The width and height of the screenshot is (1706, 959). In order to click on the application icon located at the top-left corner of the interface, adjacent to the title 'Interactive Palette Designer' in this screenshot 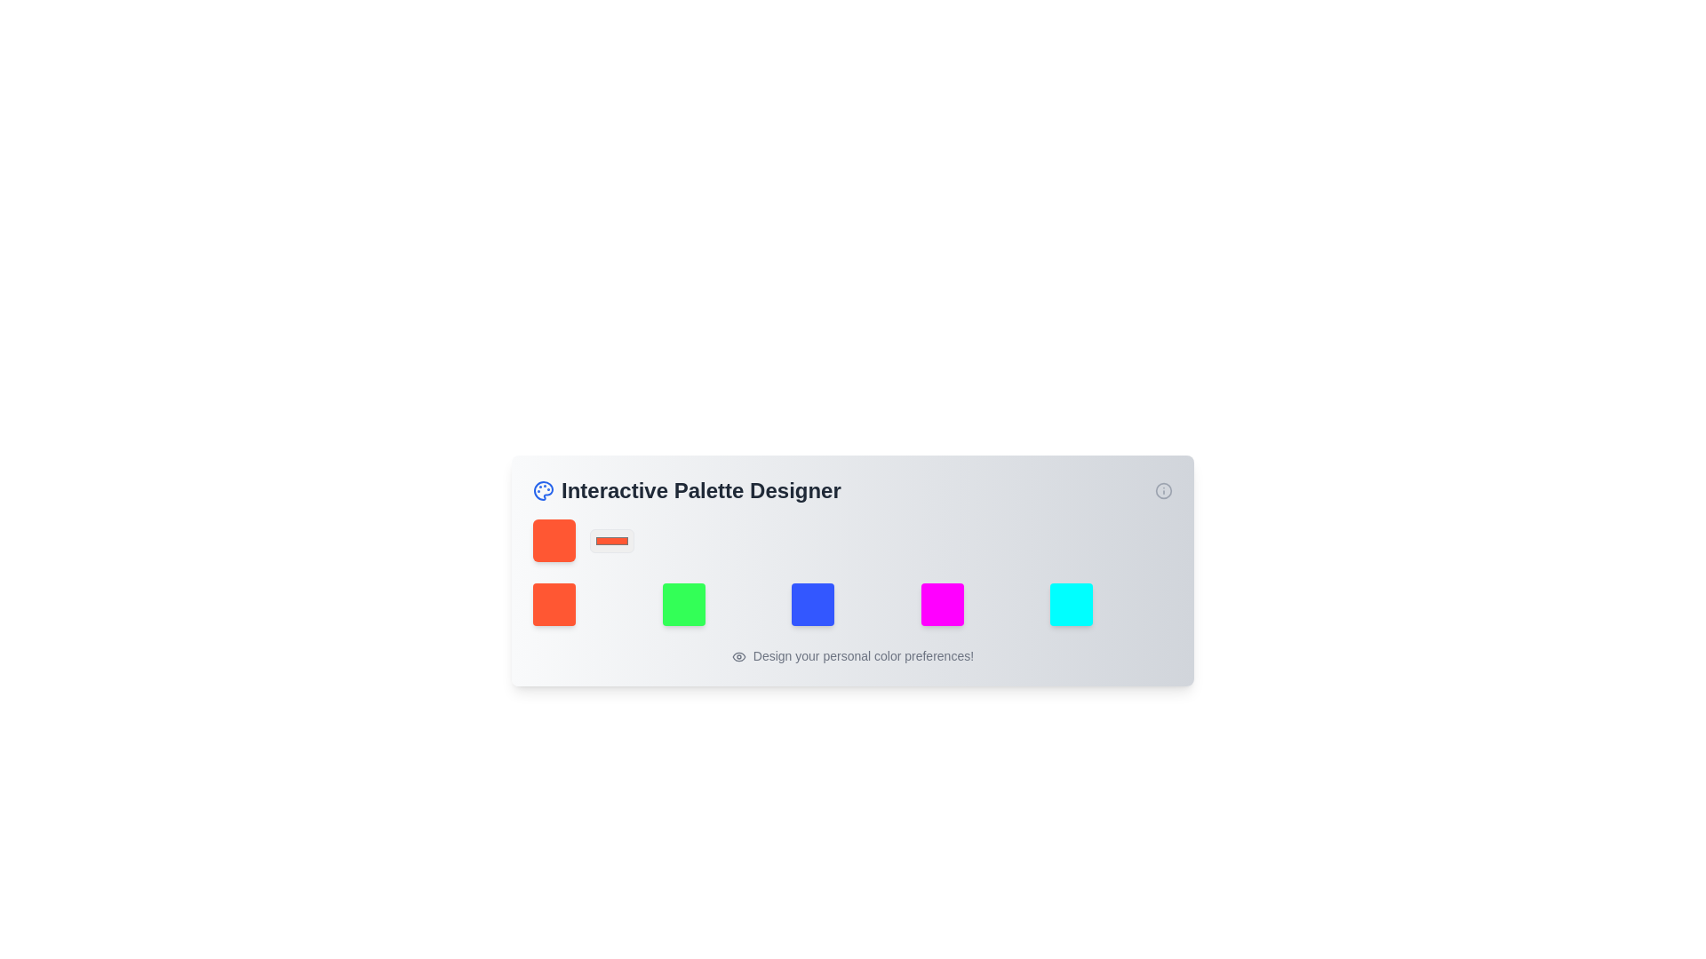, I will do `click(542, 490)`.